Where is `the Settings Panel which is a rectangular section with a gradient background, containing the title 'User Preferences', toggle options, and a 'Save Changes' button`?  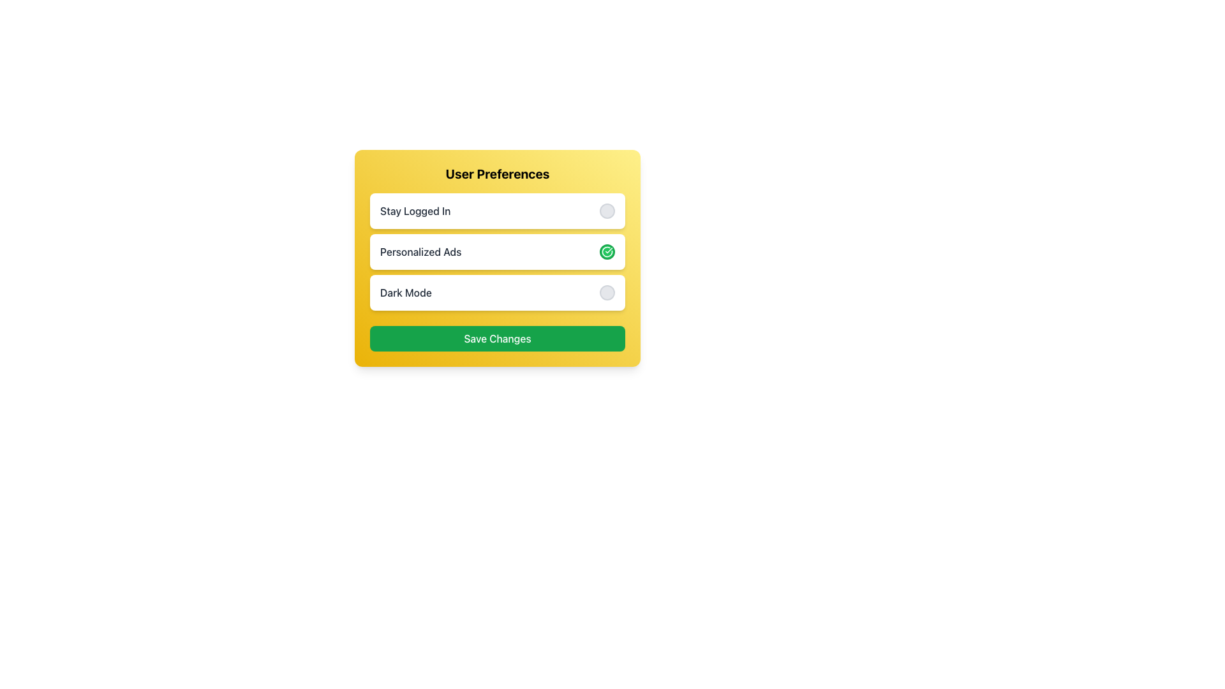 the Settings Panel which is a rectangular section with a gradient background, containing the title 'User Preferences', toggle options, and a 'Save Changes' button is located at coordinates (496, 258).